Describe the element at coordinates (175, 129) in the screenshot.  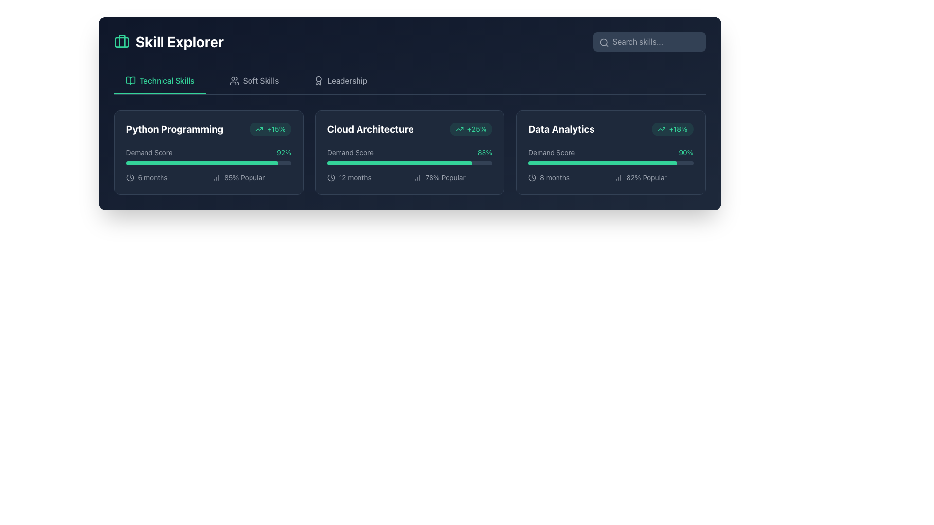
I see `the title text element that identifies the category or subject matter within the 'Demand Score' card, located in the upper-left section and aligned to the left of the '+15%' indicator` at that location.